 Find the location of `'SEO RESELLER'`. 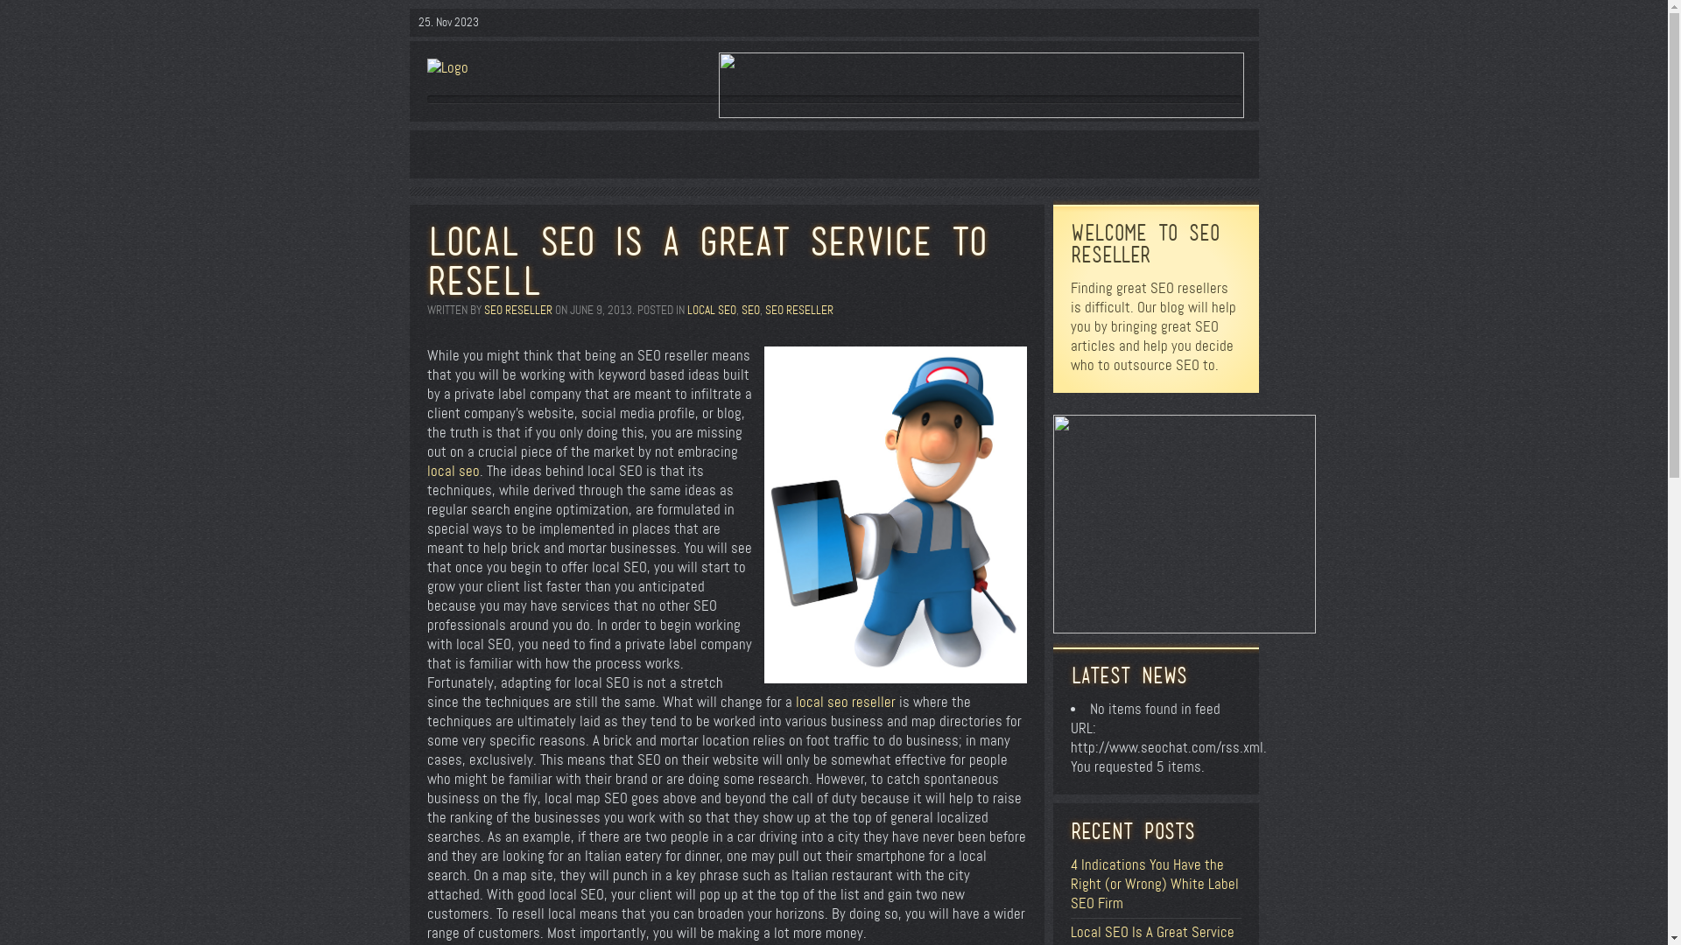

'SEO RESELLER' is located at coordinates (516, 309).